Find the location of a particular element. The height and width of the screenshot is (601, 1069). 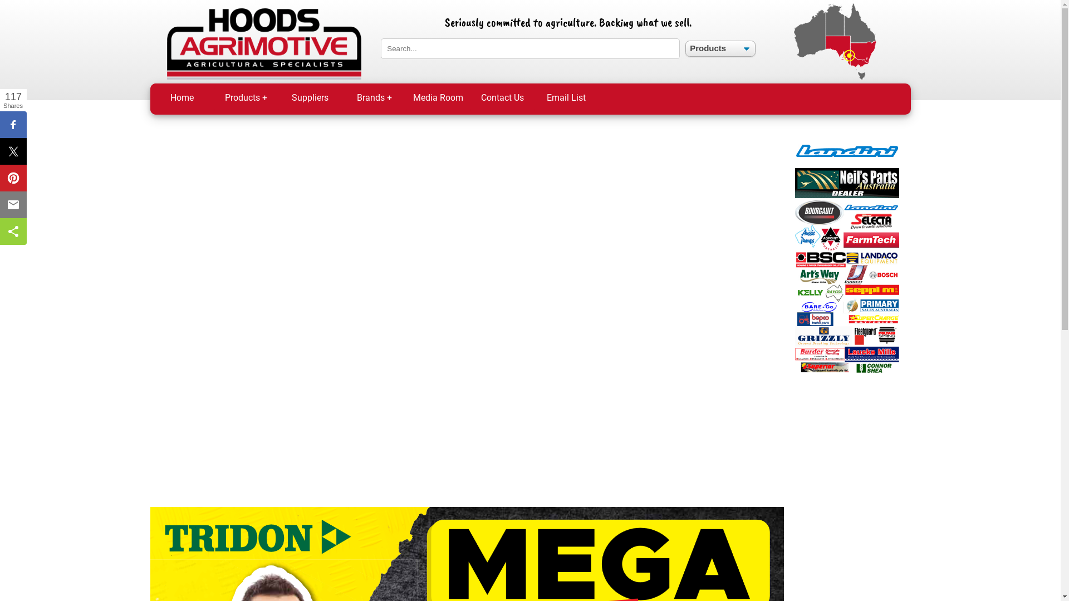

'Email List' is located at coordinates (566, 98).